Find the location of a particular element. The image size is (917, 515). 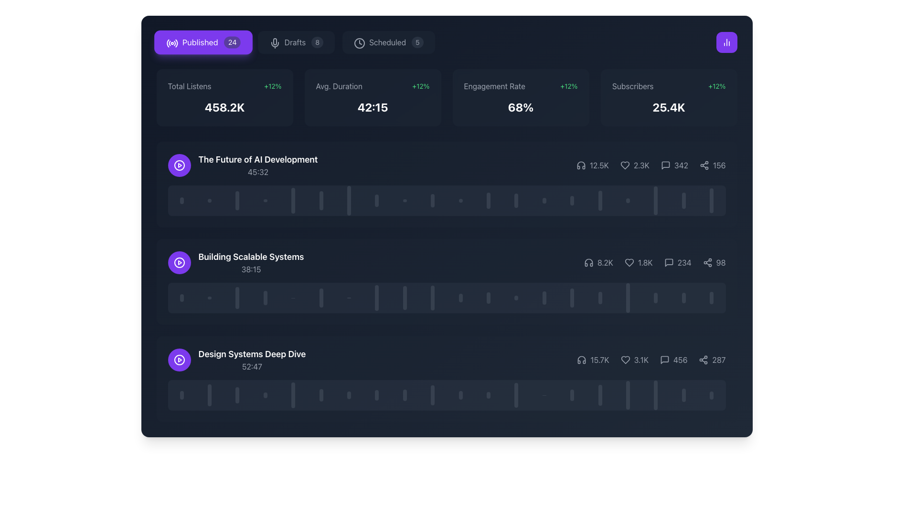

the 'Share' Icon button located to the left of the number '98' in the middle row is located at coordinates (707, 263).